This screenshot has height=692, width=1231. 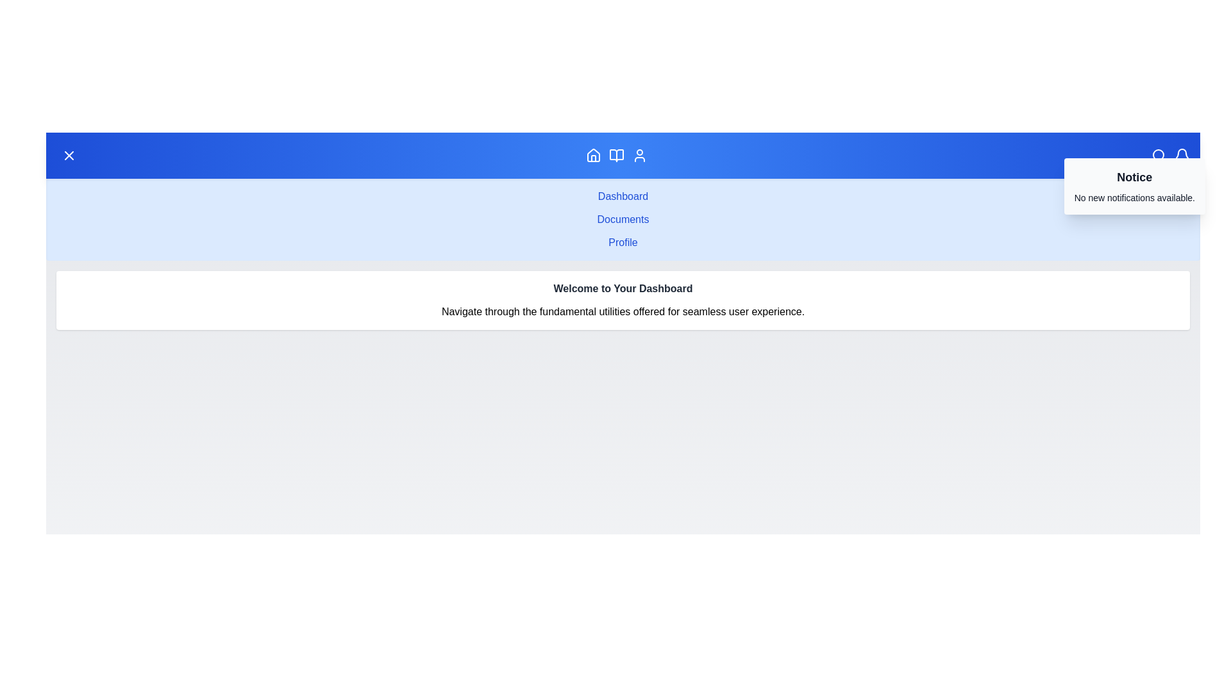 What do you see at coordinates (623, 529) in the screenshot?
I see `the main content area to focus on it` at bounding box center [623, 529].